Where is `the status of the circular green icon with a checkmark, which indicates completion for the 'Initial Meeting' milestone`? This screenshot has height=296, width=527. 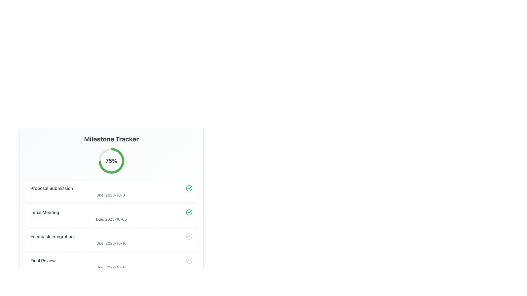
the status of the circular green icon with a checkmark, which indicates completion for the 'Initial Meeting' milestone is located at coordinates (189, 212).